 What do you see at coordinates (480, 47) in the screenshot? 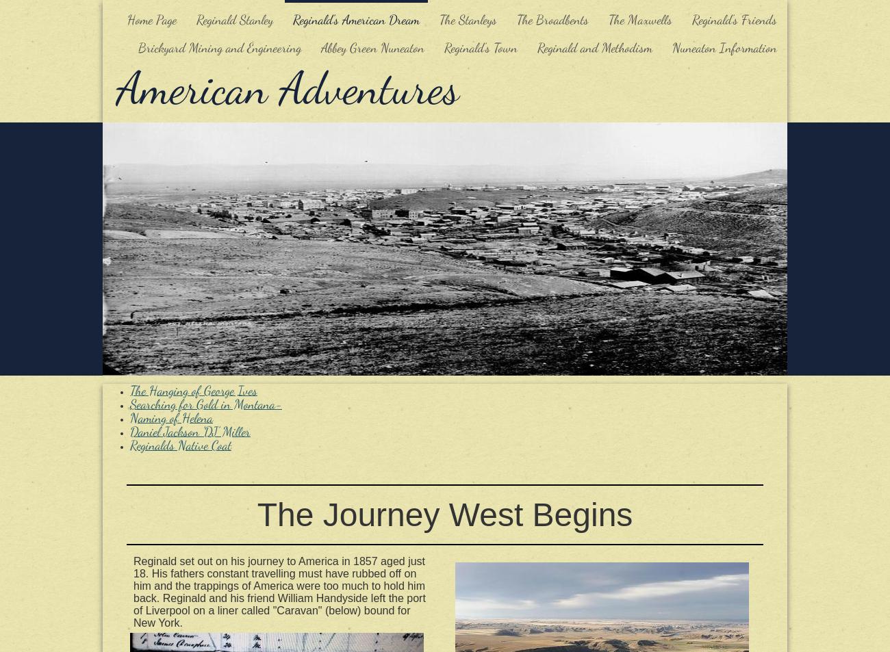
I see `'Reginald's Town'` at bounding box center [480, 47].